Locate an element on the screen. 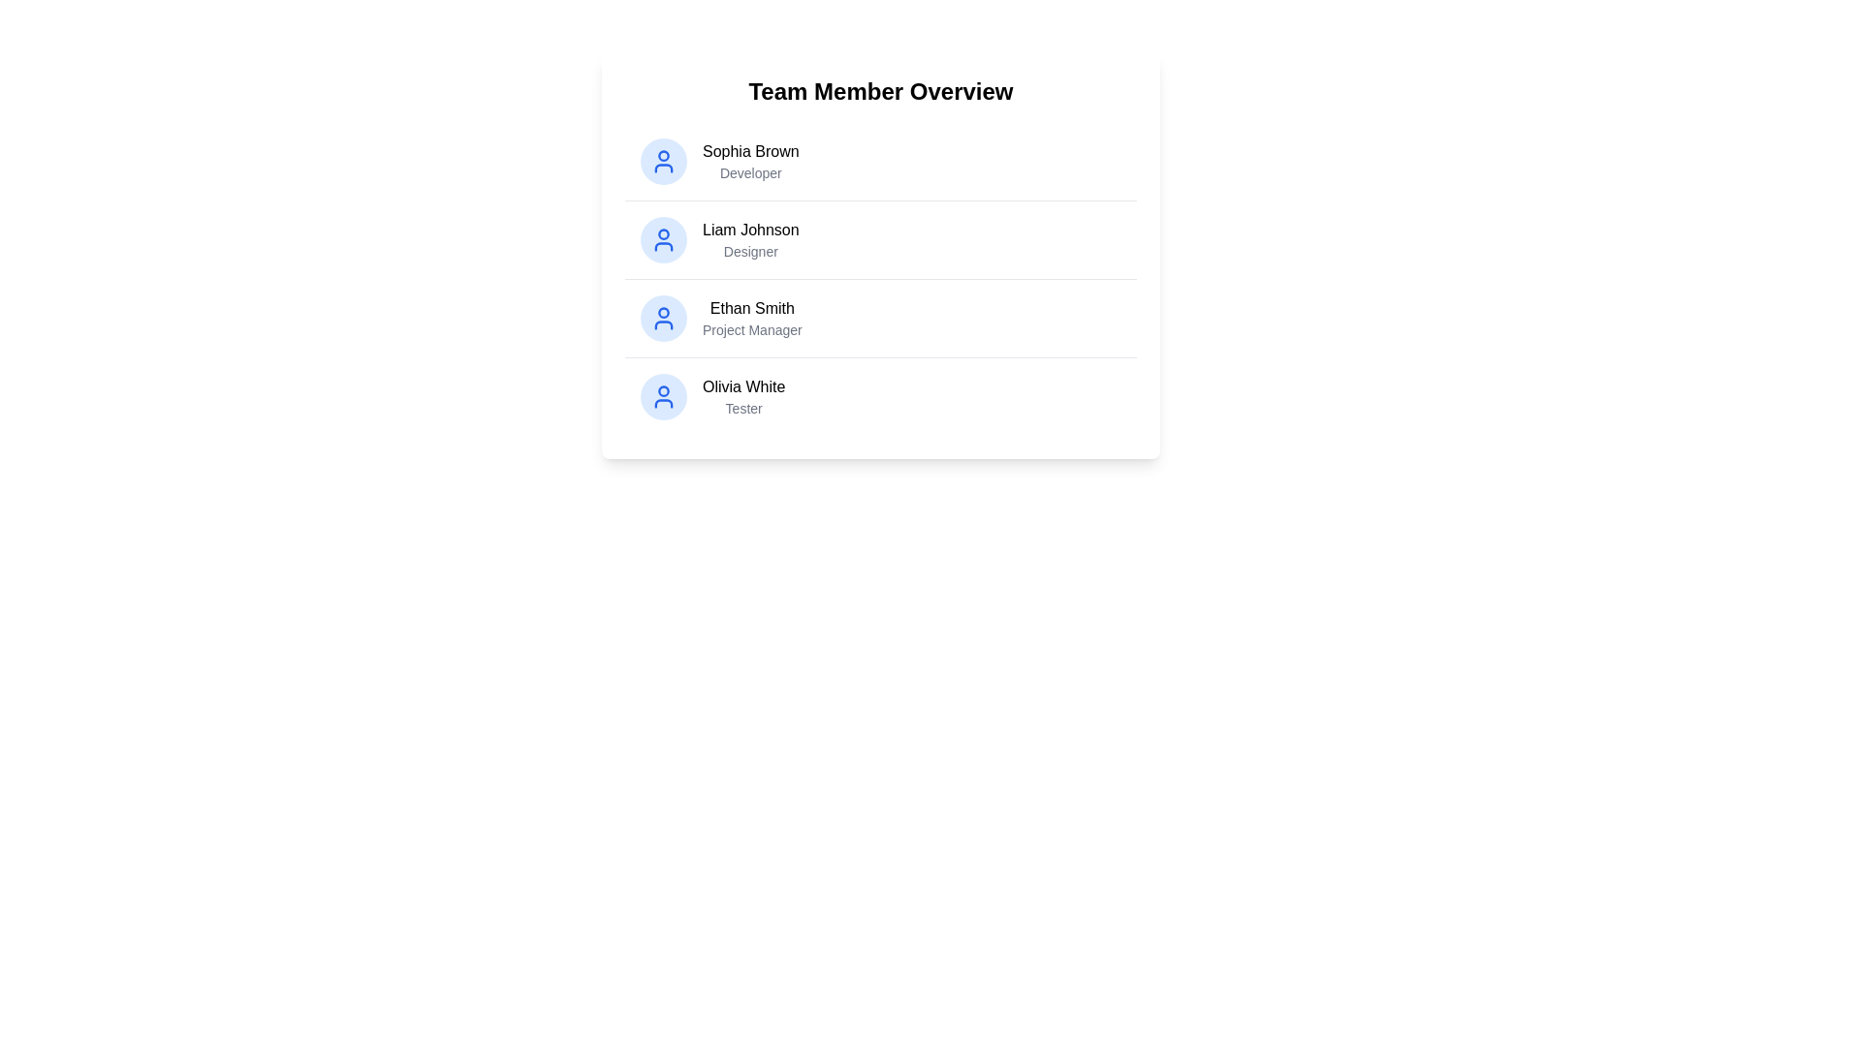 The image size is (1861, 1046). the text label reading 'Ethan Smith', which is the main name field for the profile located in the third position of a vertically-stacked list of profiles is located at coordinates (751, 308).